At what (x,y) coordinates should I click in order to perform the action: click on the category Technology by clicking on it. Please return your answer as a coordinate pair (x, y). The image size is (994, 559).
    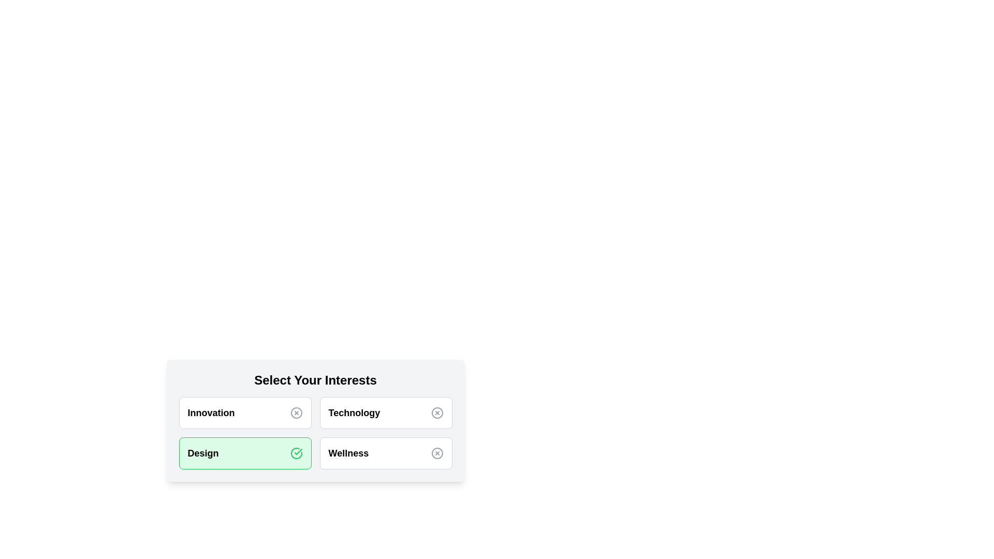
    Looking at the image, I should click on (385, 413).